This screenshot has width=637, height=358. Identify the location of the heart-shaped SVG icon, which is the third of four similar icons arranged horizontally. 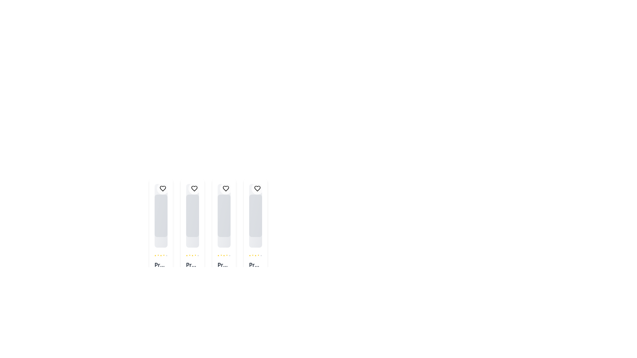
(226, 189).